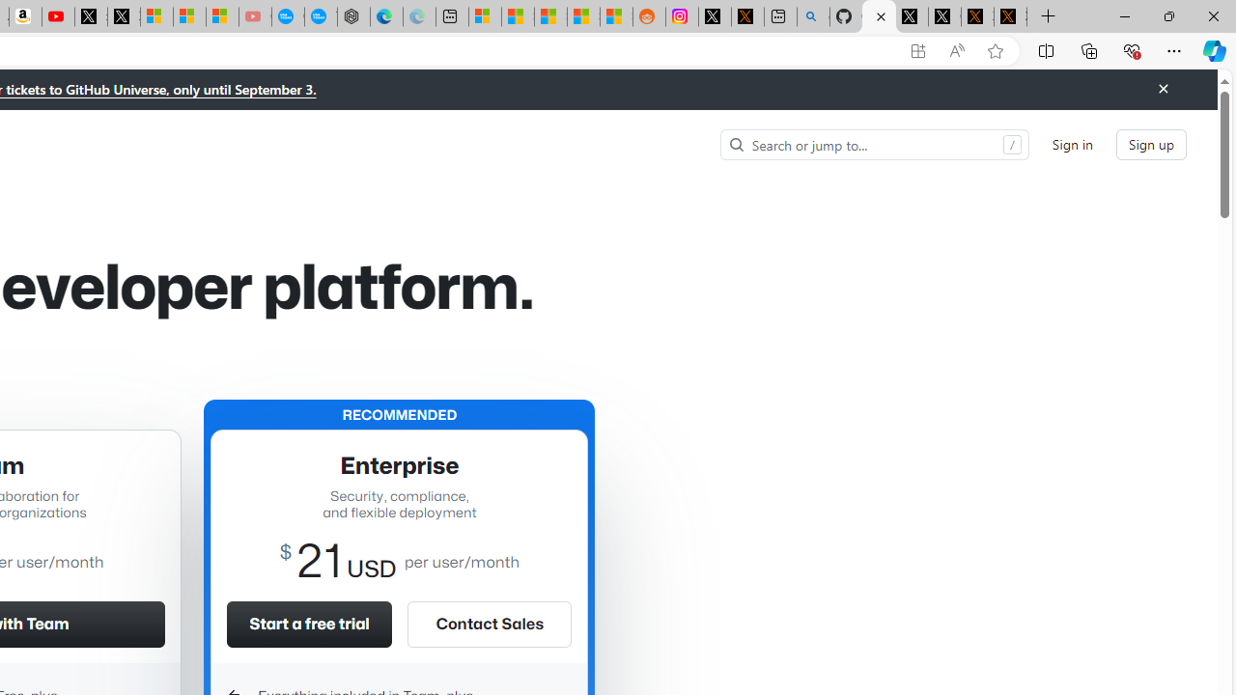  What do you see at coordinates (58, 16) in the screenshot?
I see `'Day 1: Arriving in Yemen (surreal to be here) - YouTube'` at bounding box center [58, 16].